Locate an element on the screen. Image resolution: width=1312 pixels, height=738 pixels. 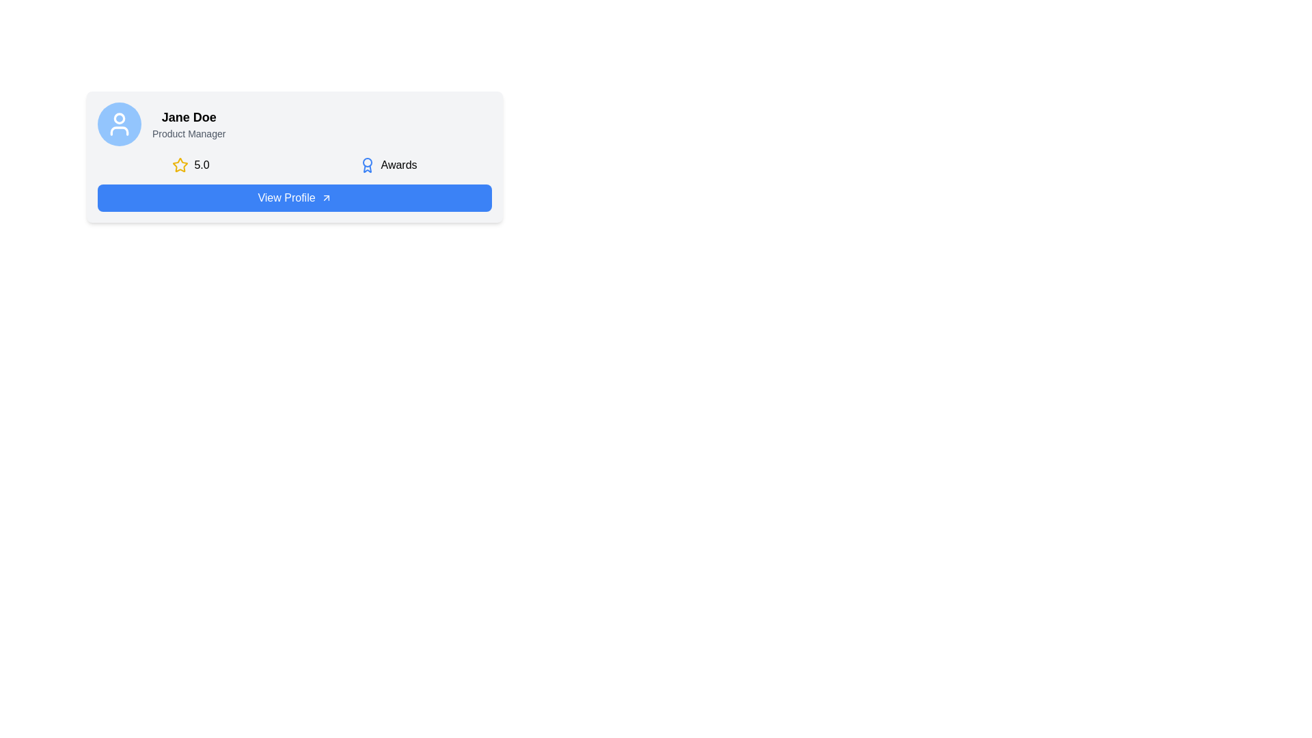
the 'Product Manager' text label located directly below 'Jane Doe' to trigger potential additional effects is located at coordinates (188, 134).